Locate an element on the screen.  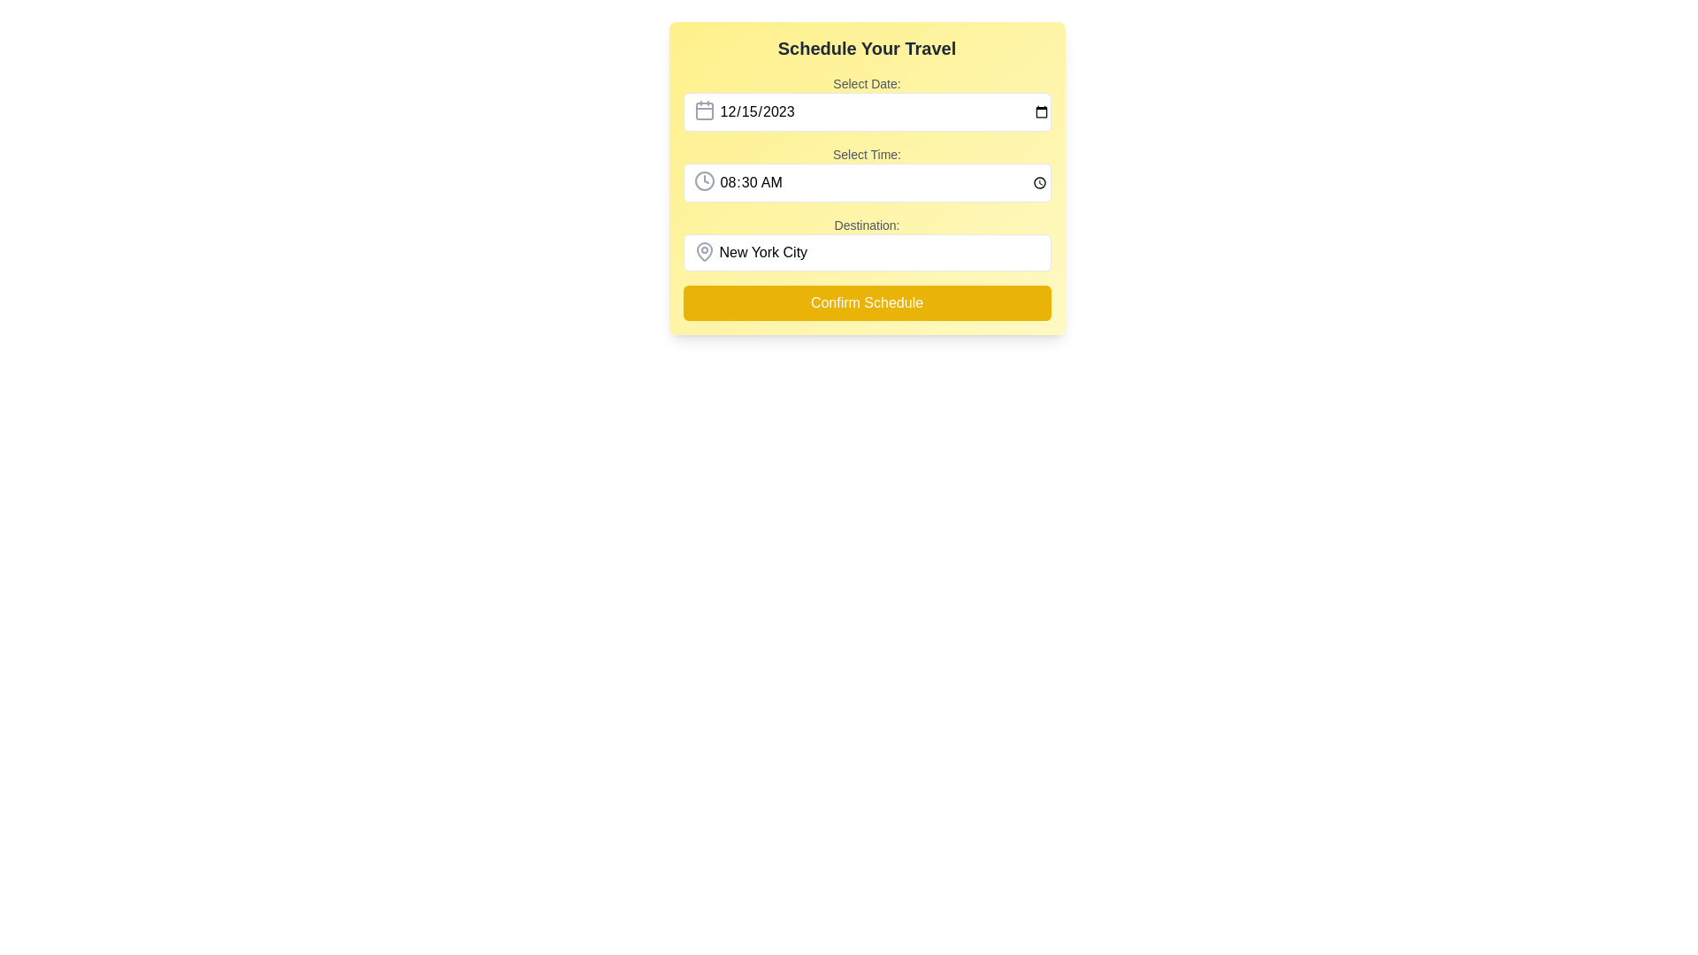
the decorative location indicator SVG icon positioned to the left of the 'Destination' input box in the 'Schedule Your Travel' form is located at coordinates (703, 252).